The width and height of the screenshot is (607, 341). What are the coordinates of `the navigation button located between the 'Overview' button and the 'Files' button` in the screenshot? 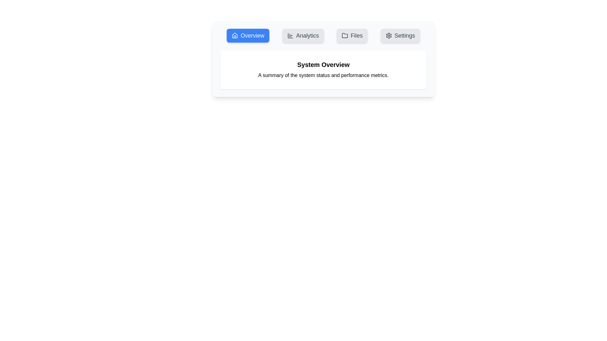 It's located at (303, 35).